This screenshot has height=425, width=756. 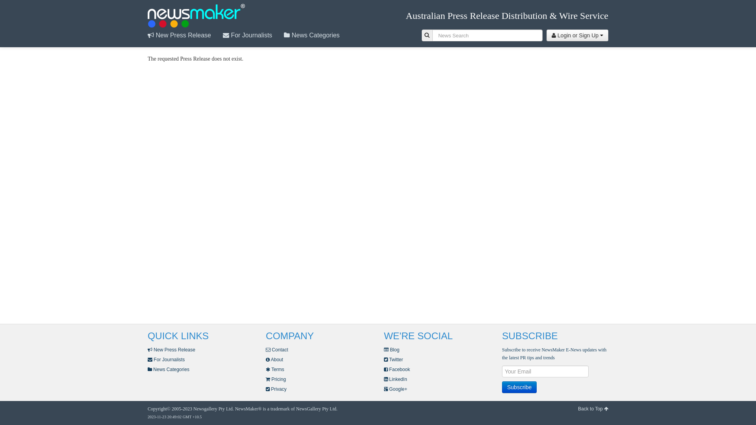 What do you see at coordinates (395, 379) in the screenshot?
I see `'LinkedIn'` at bounding box center [395, 379].